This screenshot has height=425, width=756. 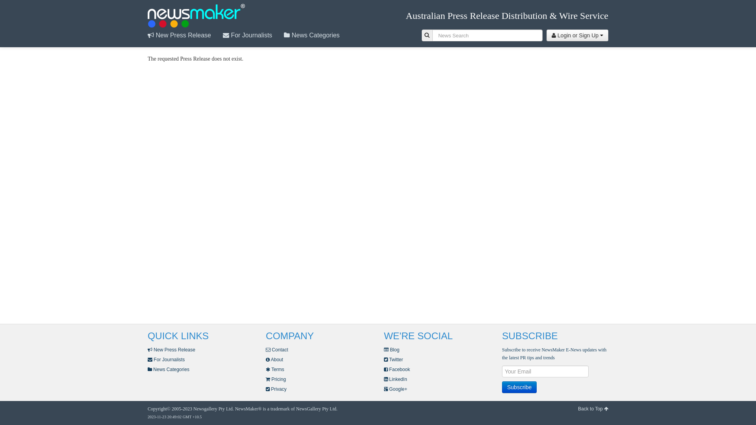 What do you see at coordinates (395, 379) in the screenshot?
I see `'LinkedIn'` at bounding box center [395, 379].